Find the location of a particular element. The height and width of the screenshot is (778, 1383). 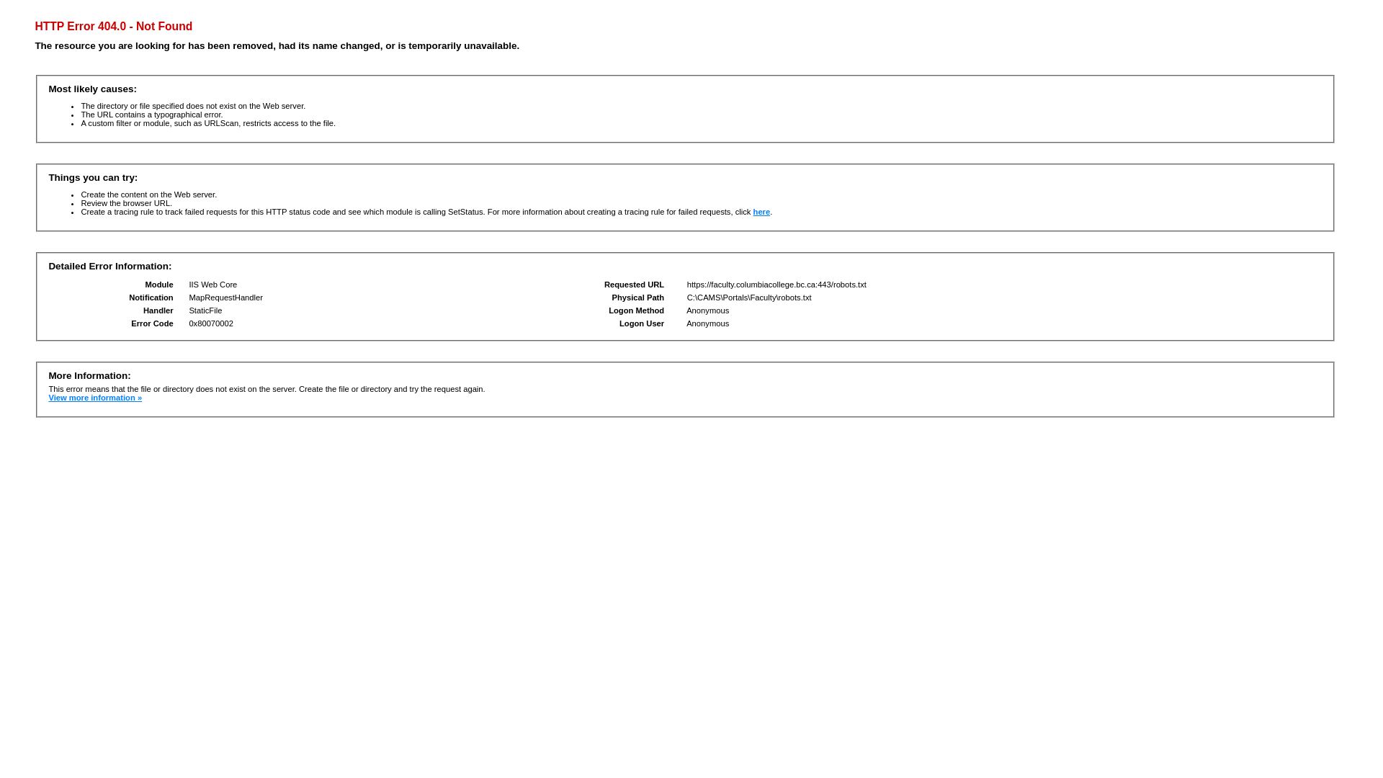

'here' is located at coordinates (761, 211).